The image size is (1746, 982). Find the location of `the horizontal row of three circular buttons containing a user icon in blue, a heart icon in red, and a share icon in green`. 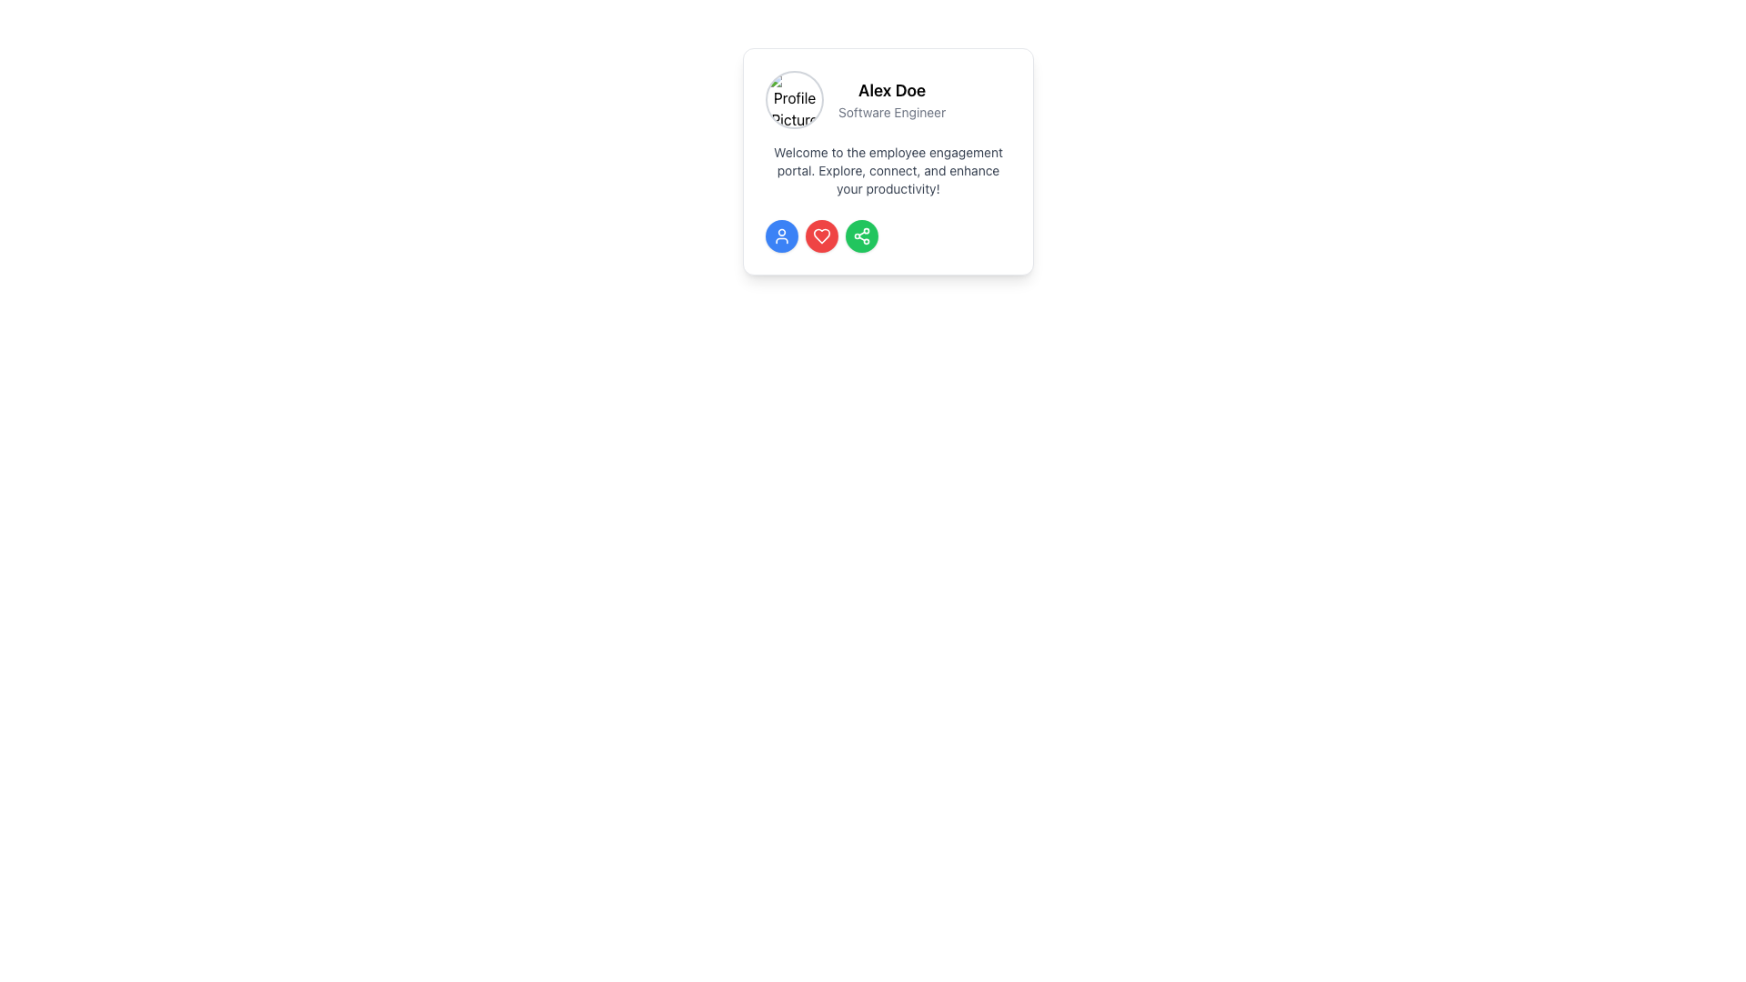

the horizontal row of three circular buttons containing a user icon in blue, a heart icon in red, and a share icon in green is located at coordinates (888, 235).